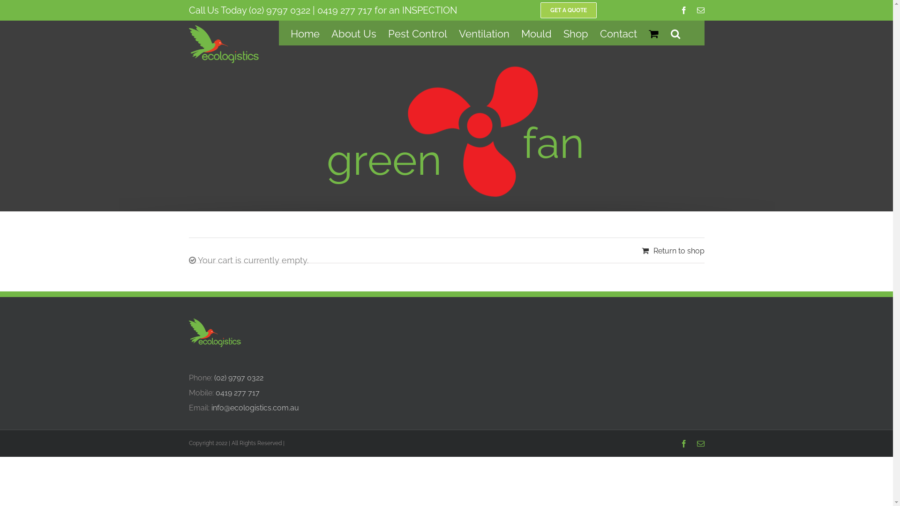 The width and height of the screenshot is (900, 506). What do you see at coordinates (344, 10) in the screenshot?
I see `'0419 277 717'` at bounding box center [344, 10].